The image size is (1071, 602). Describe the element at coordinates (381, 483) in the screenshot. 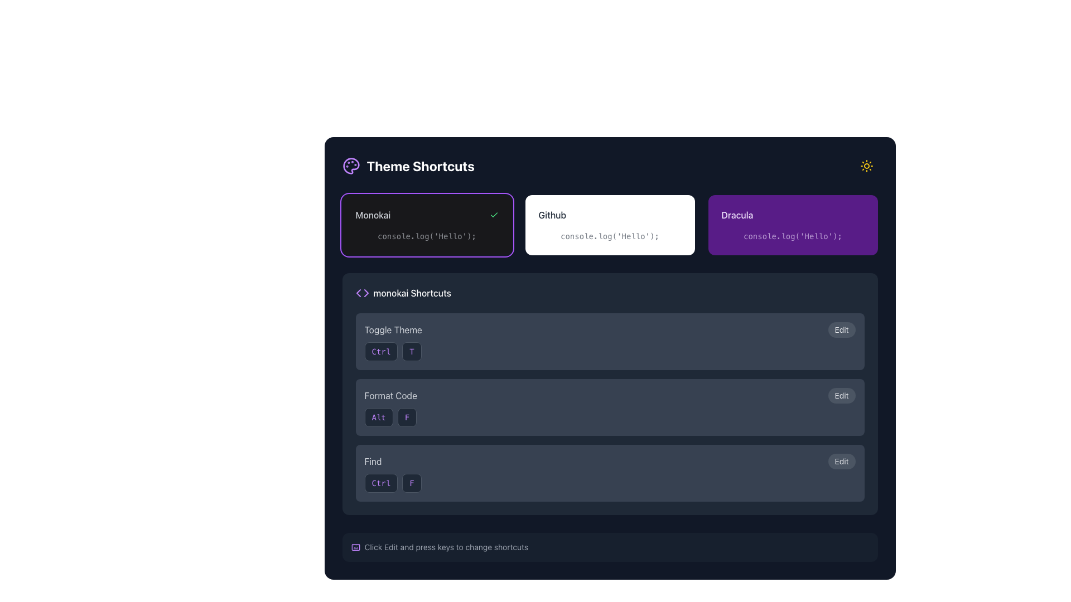

I see `displayed text 'Ctrl' from the button representing the 'Ctrl' key in the 'Find' shortcut section of the application` at that location.